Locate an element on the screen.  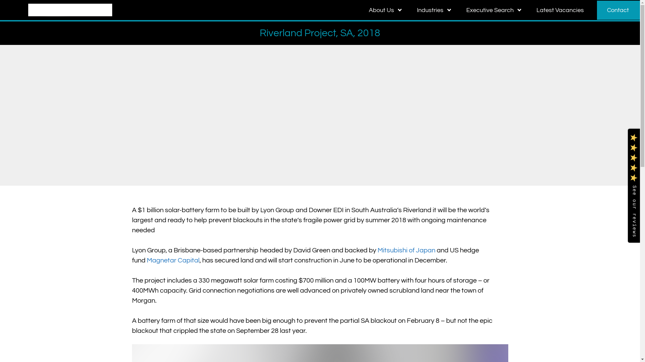
'Latest Vacancies' is located at coordinates (561, 10).